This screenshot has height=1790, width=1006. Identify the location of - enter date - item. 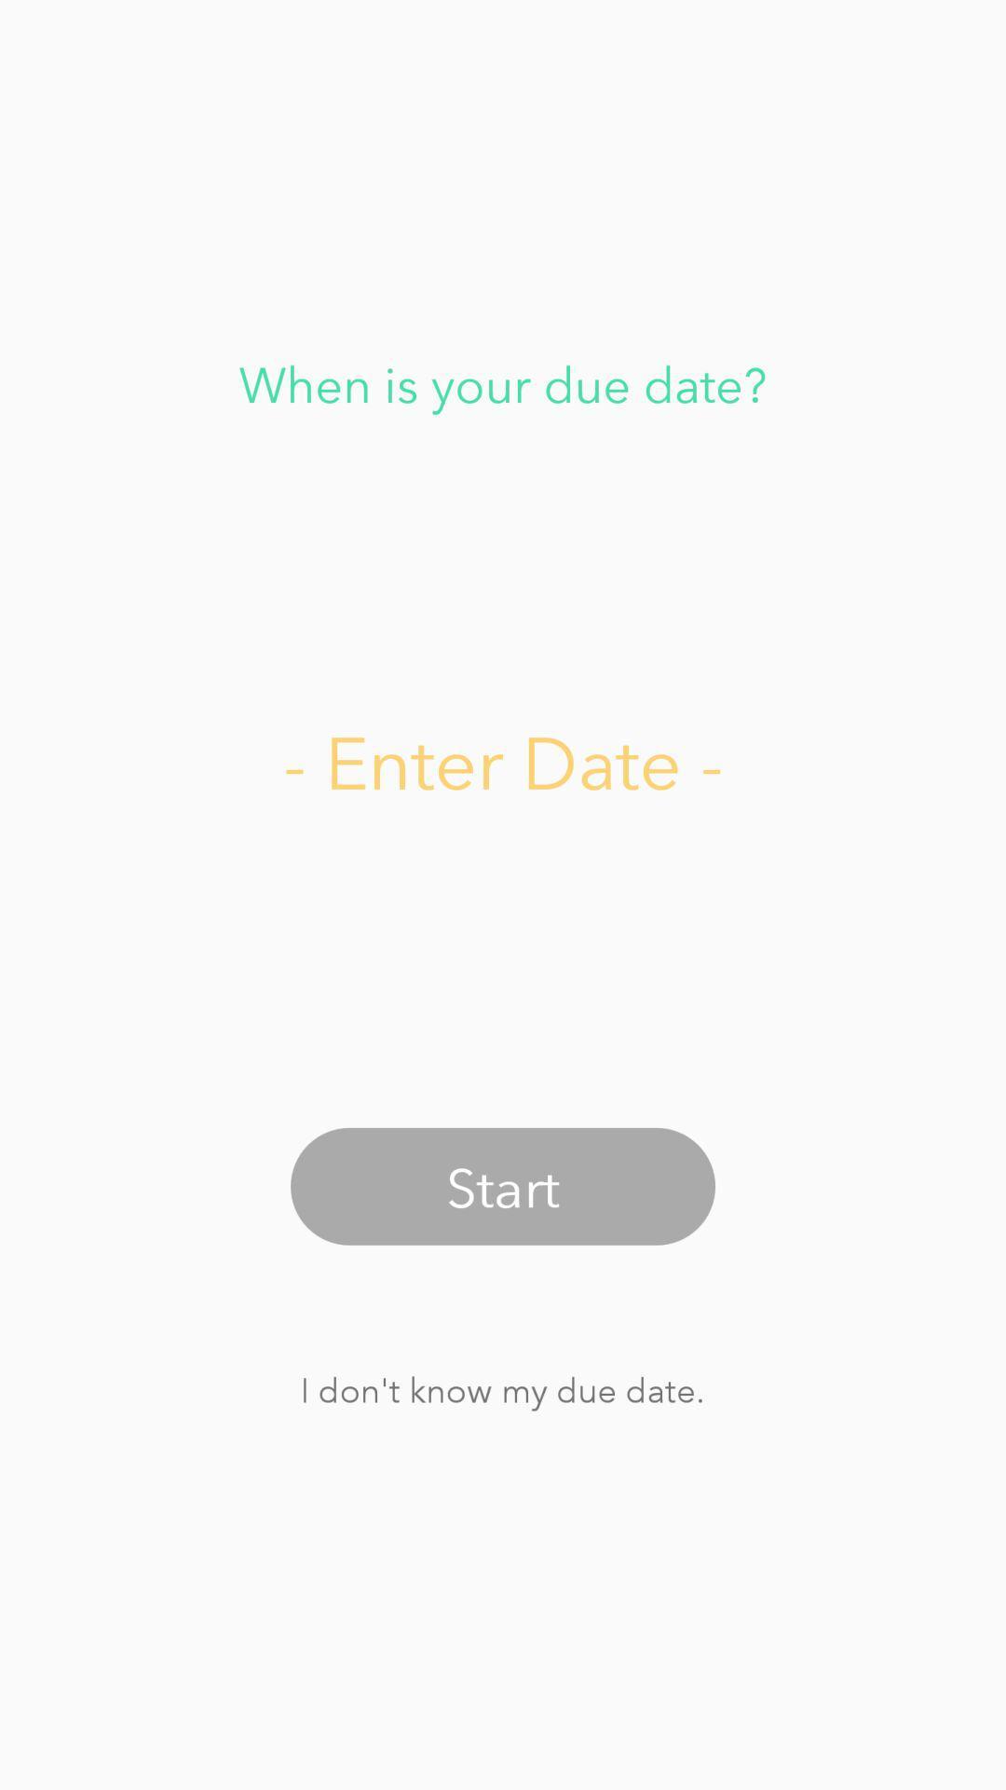
(503, 761).